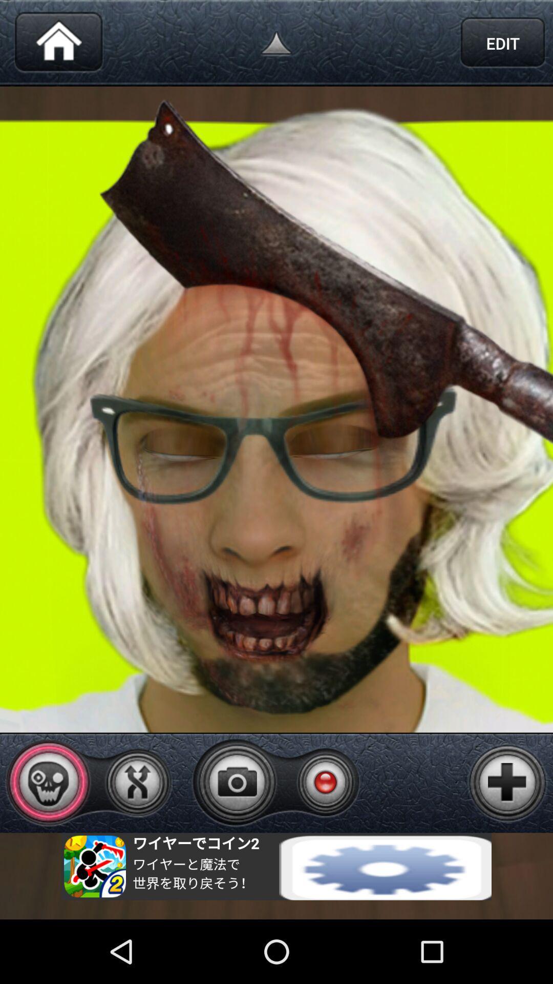 The image size is (553, 984). I want to click on settings button, so click(276, 866).